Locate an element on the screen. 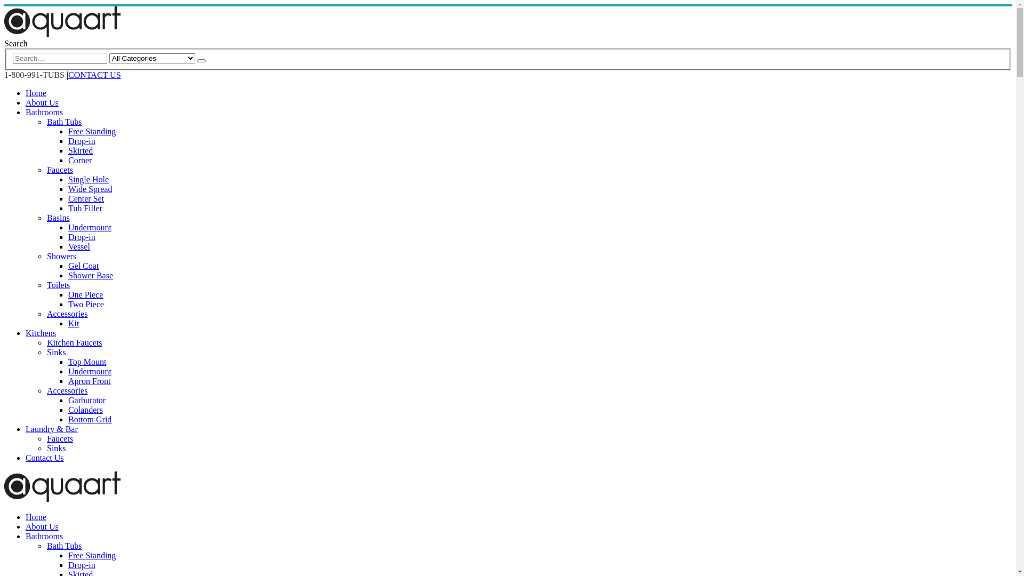  'Accessories' is located at coordinates (66, 313).